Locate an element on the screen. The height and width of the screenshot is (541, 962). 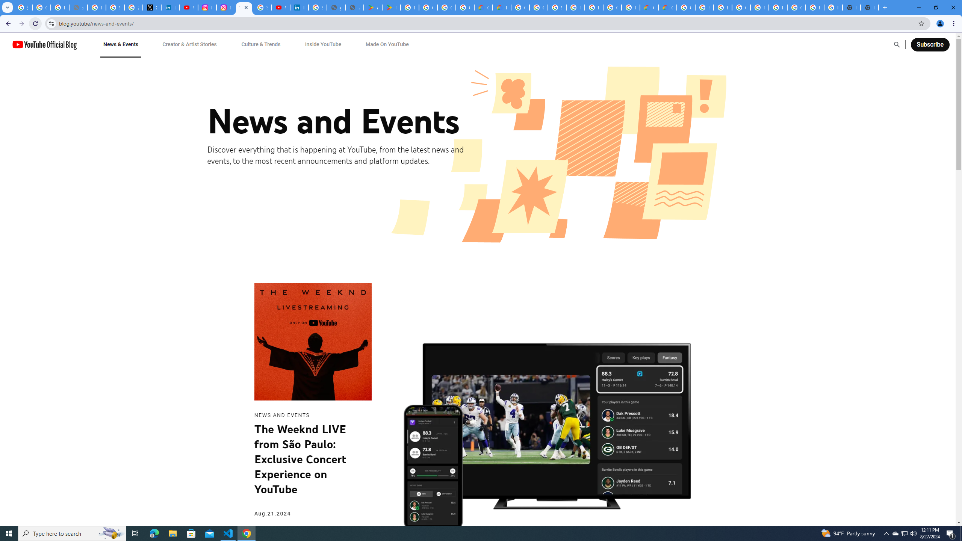
'New Tab' is located at coordinates (870, 7).